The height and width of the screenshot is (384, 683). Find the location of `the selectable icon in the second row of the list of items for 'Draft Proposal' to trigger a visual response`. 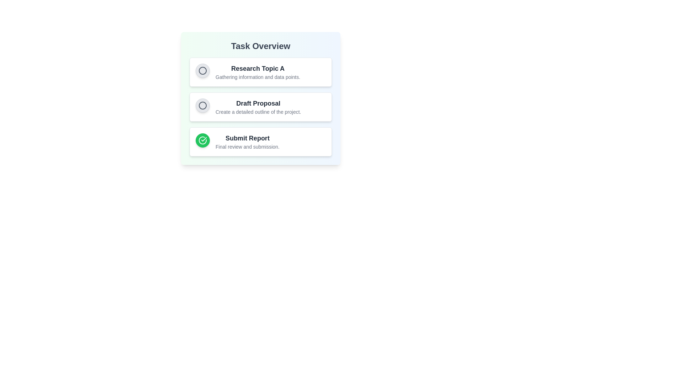

the selectable icon in the second row of the list of items for 'Draft Proposal' to trigger a visual response is located at coordinates (202, 106).